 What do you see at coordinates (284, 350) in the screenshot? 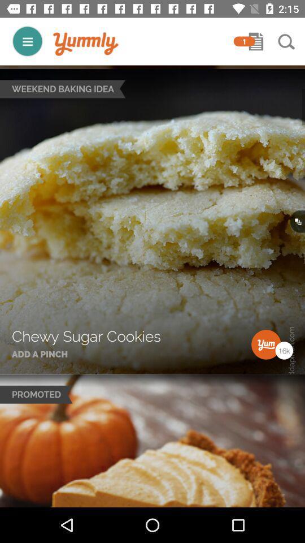
I see `16 k in bottom` at bounding box center [284, 350].